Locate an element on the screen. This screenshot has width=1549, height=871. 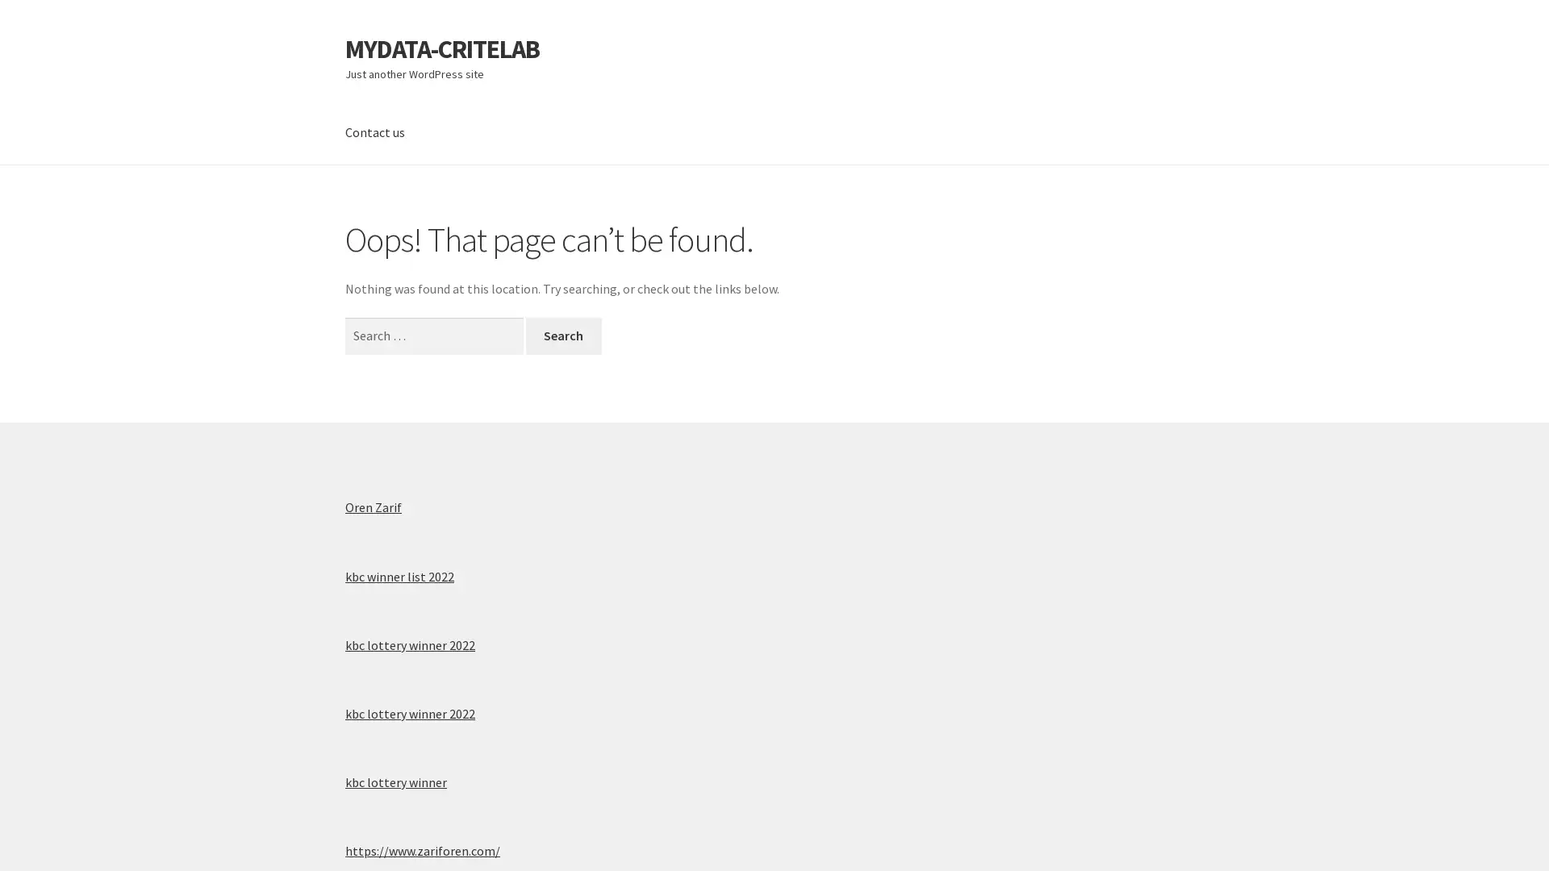
Search is located at coordinates (563, 335).